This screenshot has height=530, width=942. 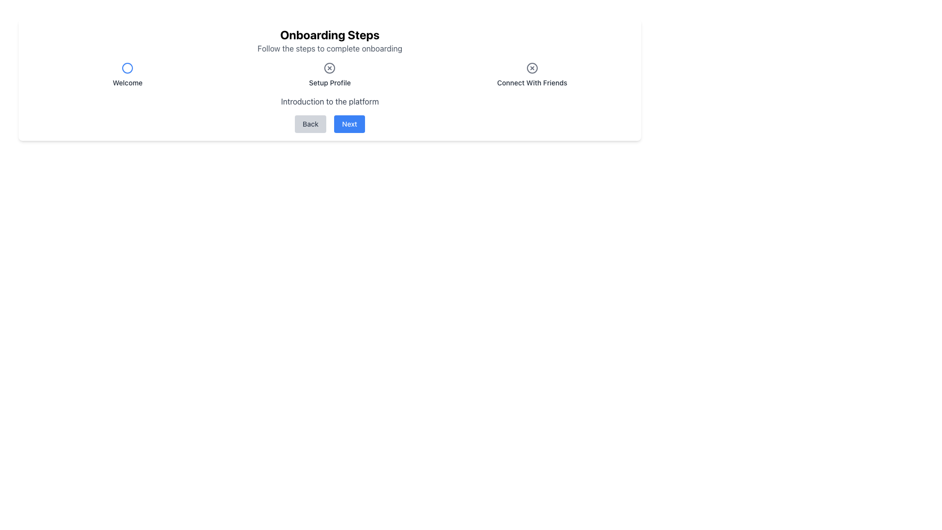 What do you see at coordinates (330, 67) in the screenshot?
I see `the circular gray icon with an 'X' mark in its center, which represents the step in the onboarding process above the 'Setup Profile' text` at bounding box center [330, 67].